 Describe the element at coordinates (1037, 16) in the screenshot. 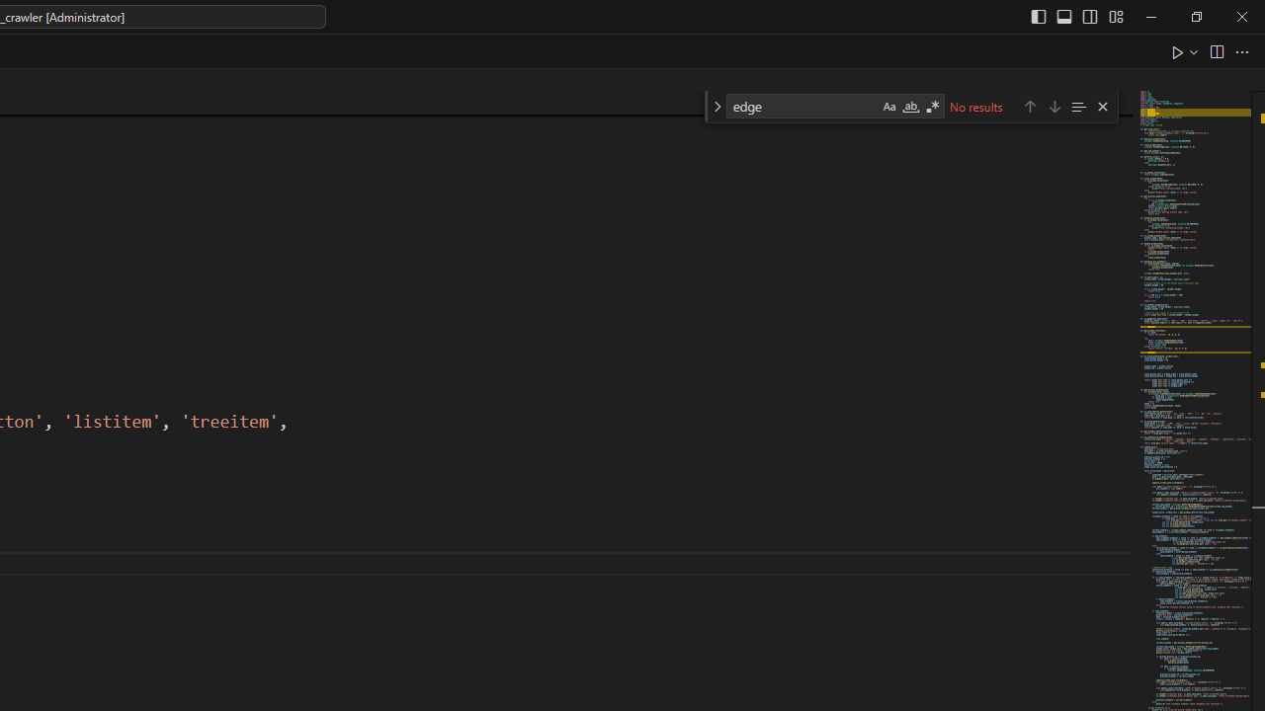

I see `'Toggle Primary Side Bar (Ctrl+B)'` at that location.